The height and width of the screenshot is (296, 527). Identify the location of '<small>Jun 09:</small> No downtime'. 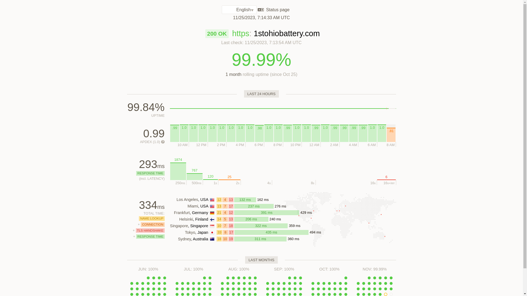
(154, 283).